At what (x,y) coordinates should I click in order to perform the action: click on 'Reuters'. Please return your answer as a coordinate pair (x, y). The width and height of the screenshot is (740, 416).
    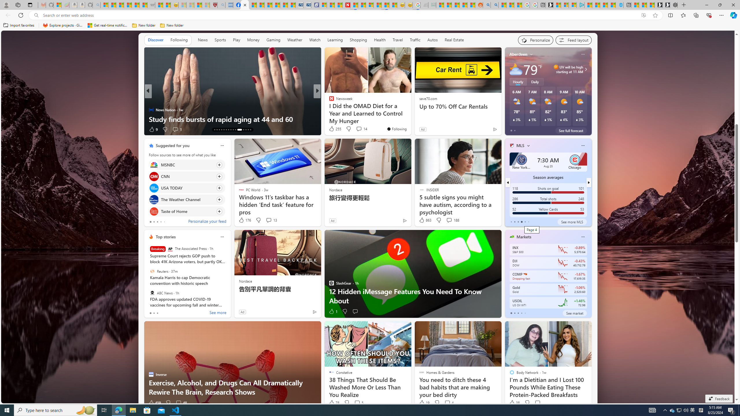
    Looking at the image, I should click on (152, 271).